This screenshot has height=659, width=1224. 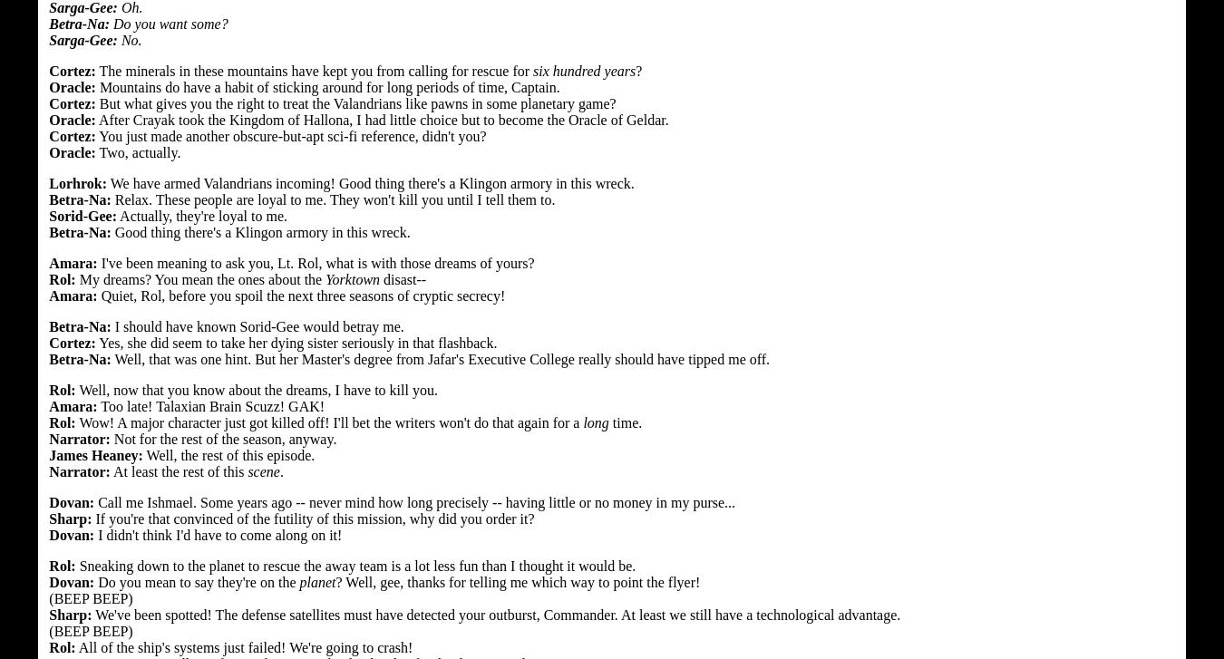 I want to click on 'James Heaney:', so click(x=94, y=453).